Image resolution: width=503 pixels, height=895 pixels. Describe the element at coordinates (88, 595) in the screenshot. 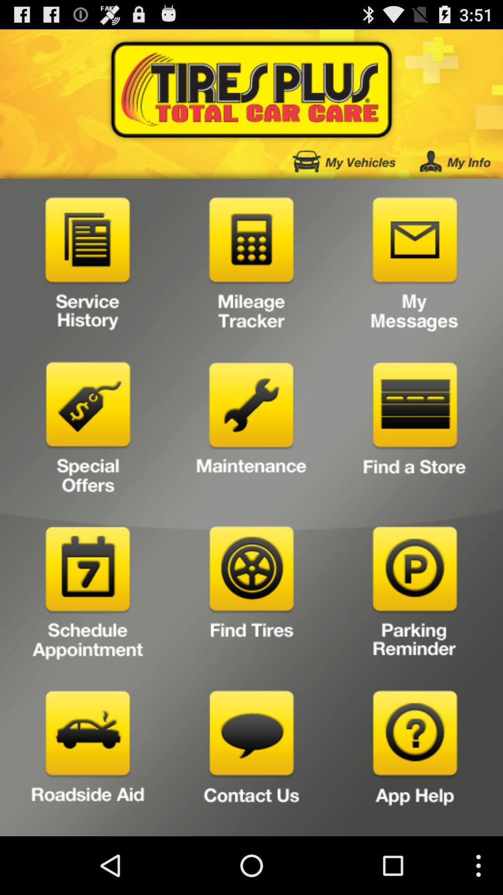

I see `to schedule appointment option` at that location.